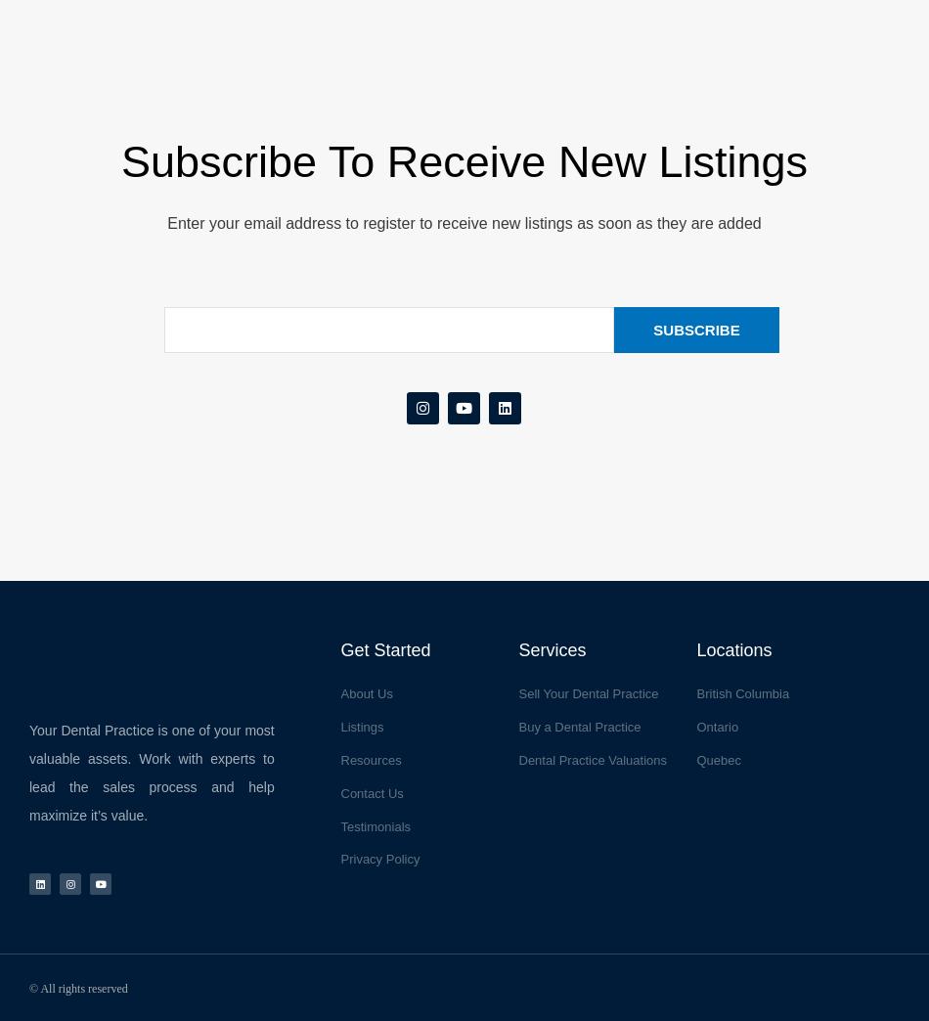  What do you see at coordinates (338, 692) in the screenshot?
I see `'About Us'` at bounding box center [338, 692].